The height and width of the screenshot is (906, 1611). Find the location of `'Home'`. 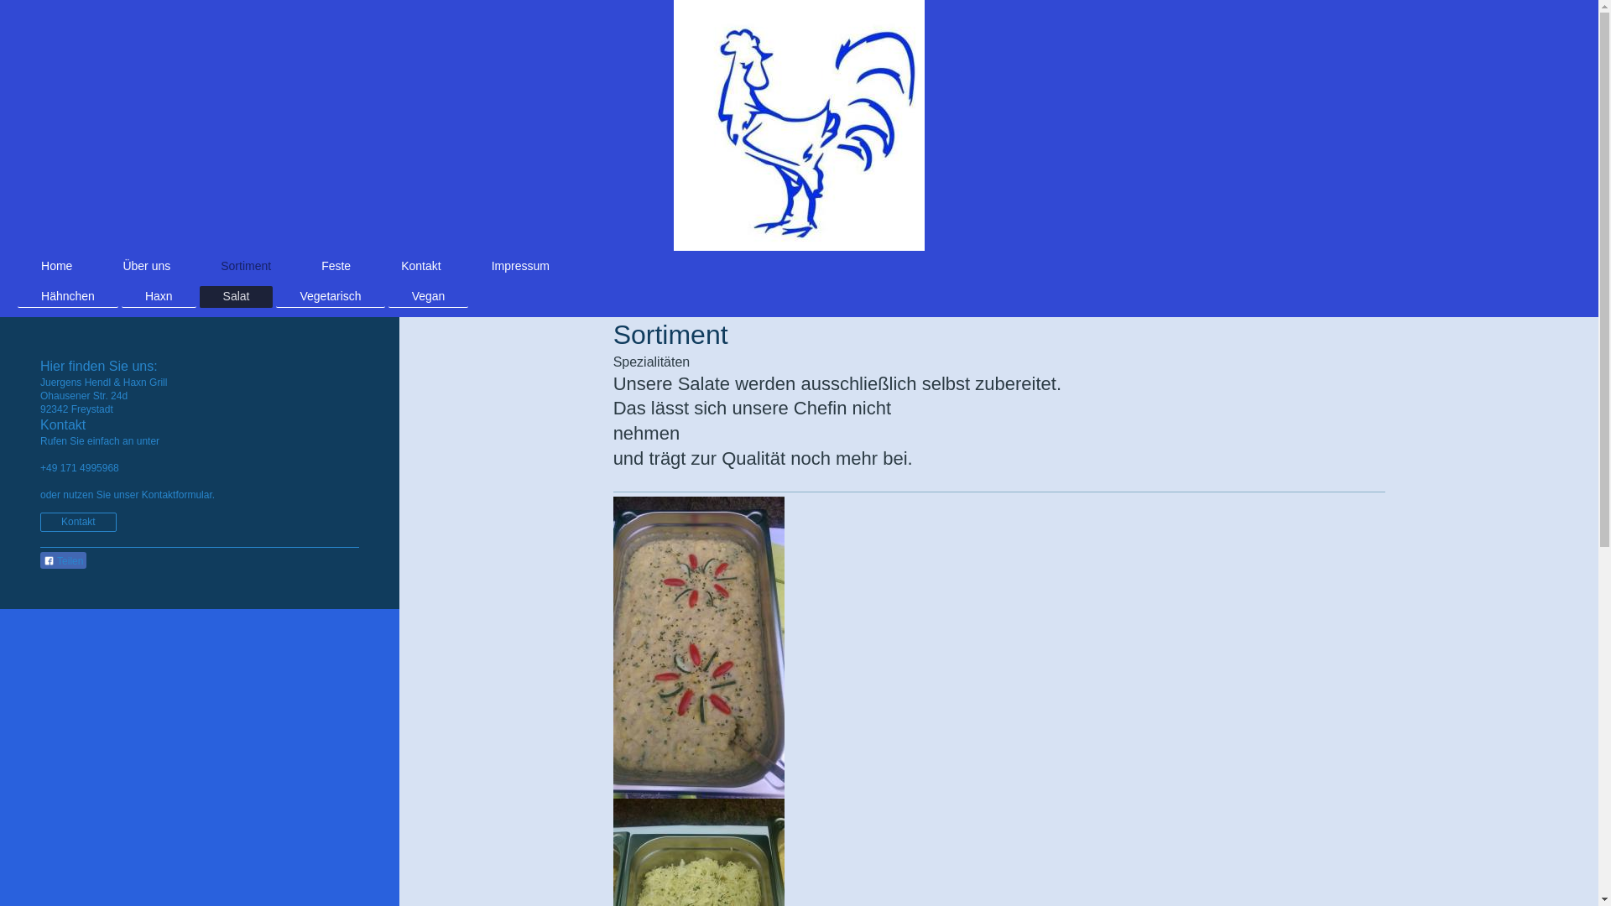

'Home' is located at coordinates (17, 264).